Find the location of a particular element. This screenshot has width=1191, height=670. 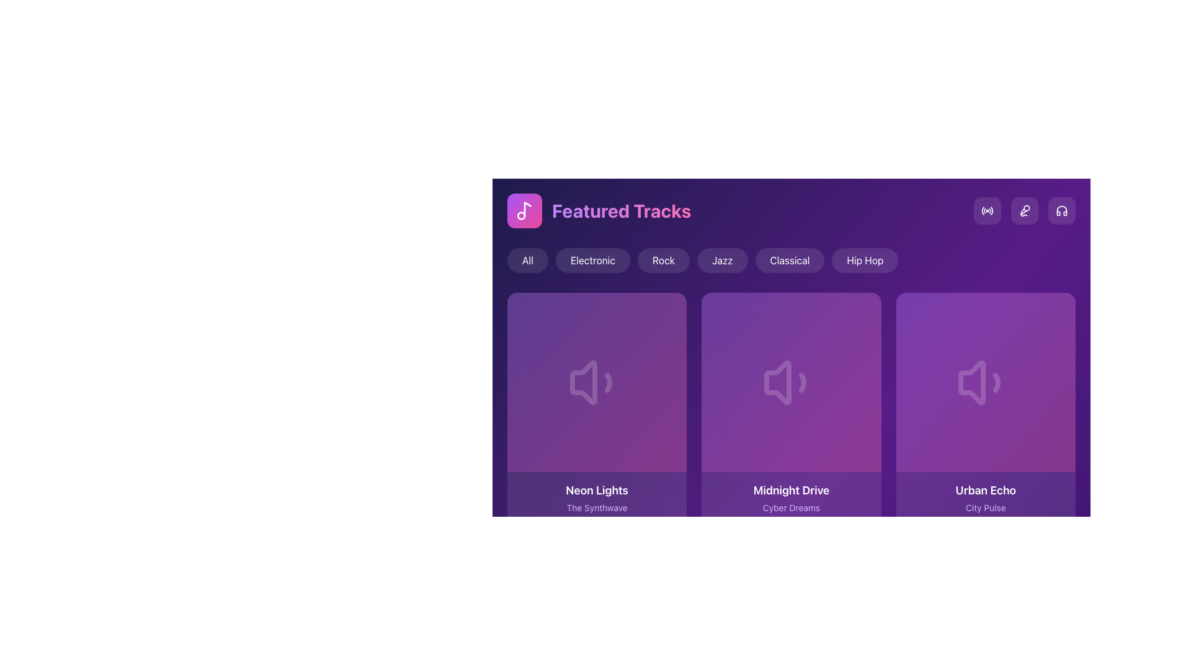

the audio playback control element with a speaker icon to trigger additional effects is located at coordinates (791, 382).